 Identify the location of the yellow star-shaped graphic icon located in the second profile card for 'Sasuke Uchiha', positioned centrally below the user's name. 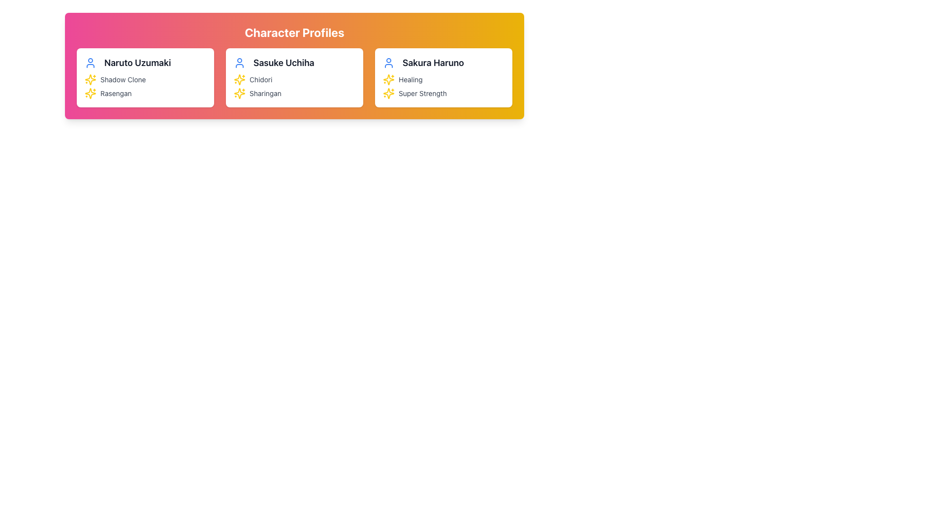
(239, 79).